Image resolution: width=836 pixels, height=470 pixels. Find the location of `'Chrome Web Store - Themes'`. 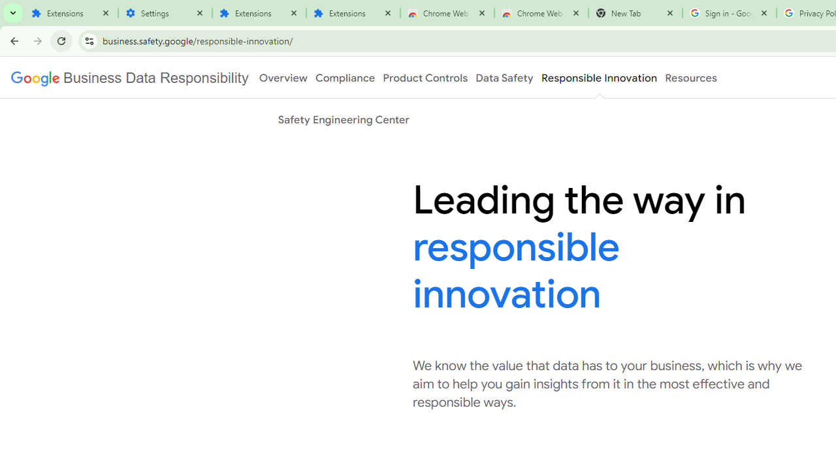

'Chrome Web Store - Themes' is located at coordinates (541, 13).